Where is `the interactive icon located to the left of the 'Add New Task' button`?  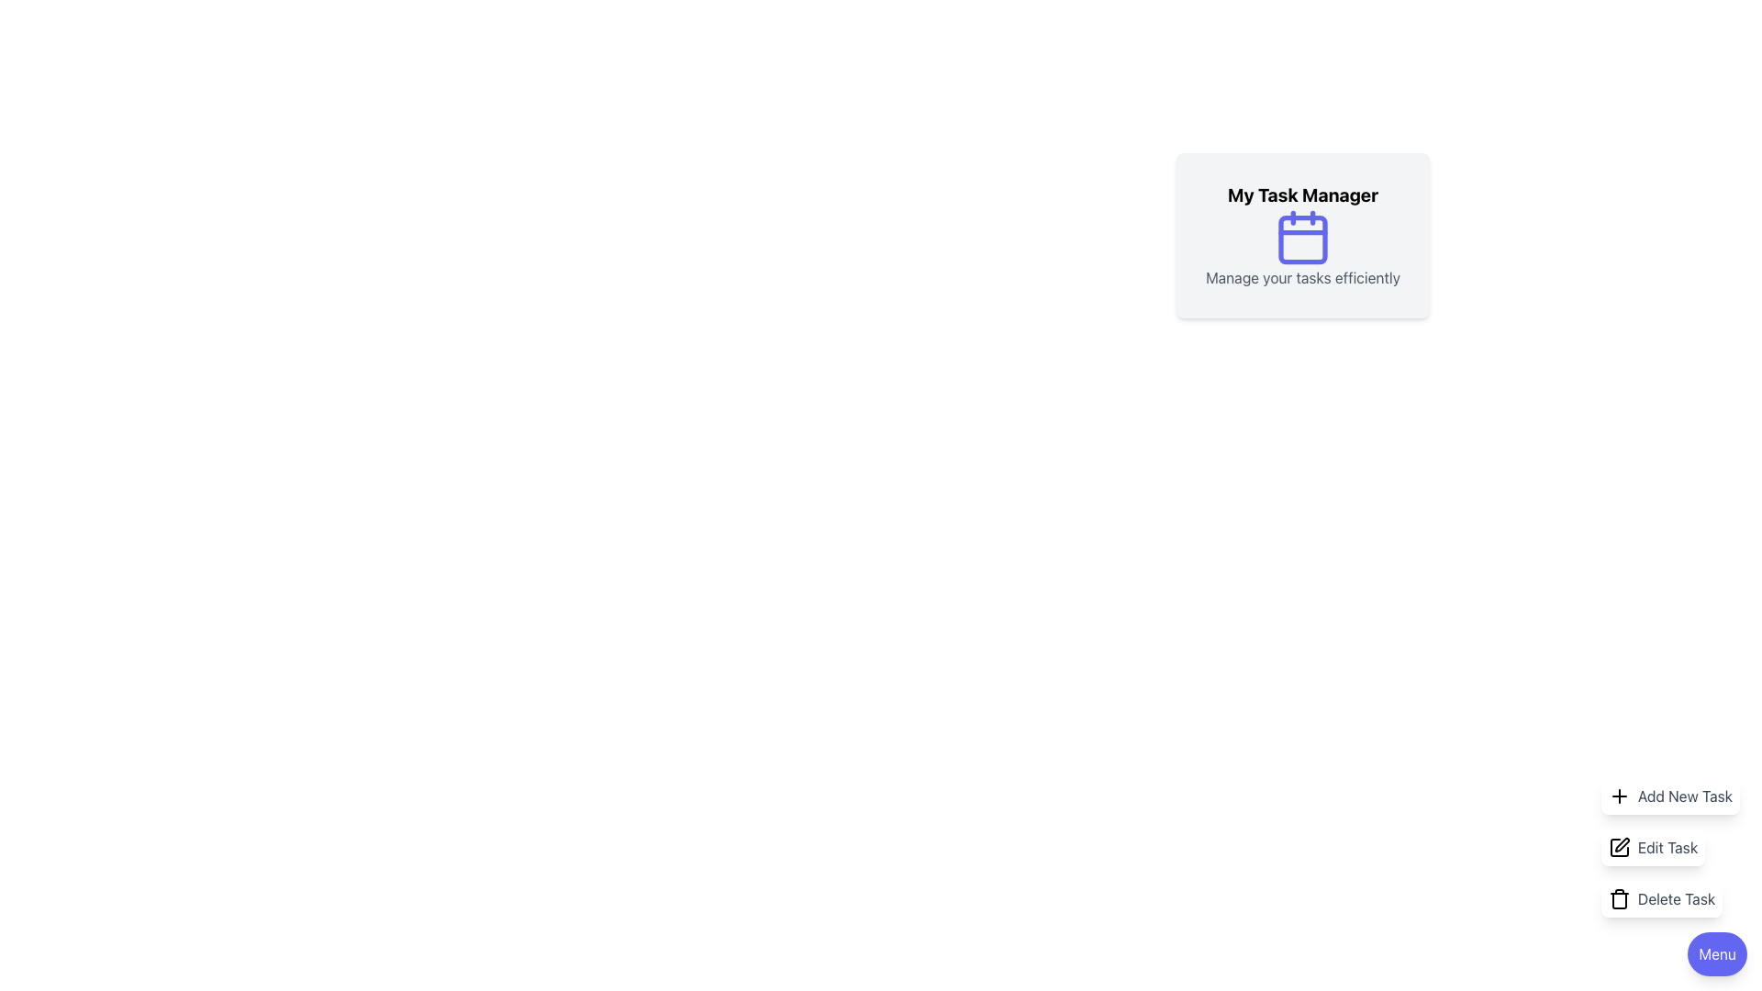 the interactive icon located to the left of the 'Add New Task' button is located at coordinates (1620, 795).